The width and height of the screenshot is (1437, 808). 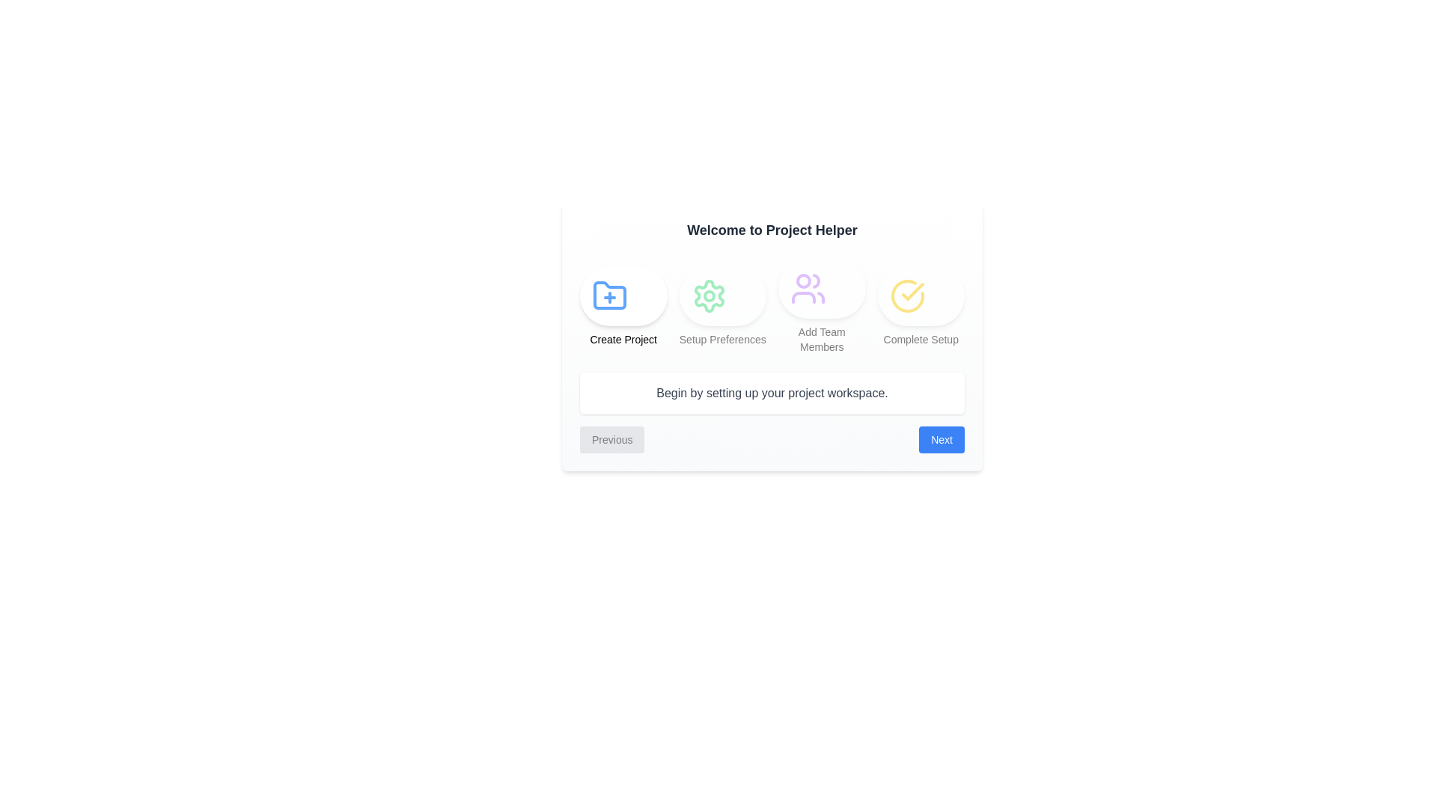 I want to click on the text area displaying the current step's description, so click(x=772, y=392).